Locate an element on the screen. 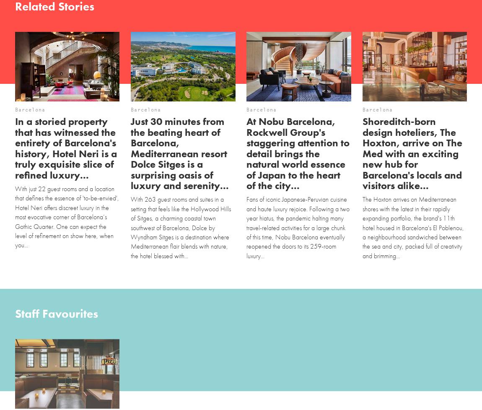 Image resolution: width=482 pixels, height=410 pixels. 'Fans of iconic Japanese-Peruvian cuisine and haute luxury rejoice. Following a two year hiatus, the pandemic halting many travel-related activities for a large chunk of this time, Nobu Barcelona eventually reopened the doors to its 259-room luxury...' is located at coordinates (298, 227).